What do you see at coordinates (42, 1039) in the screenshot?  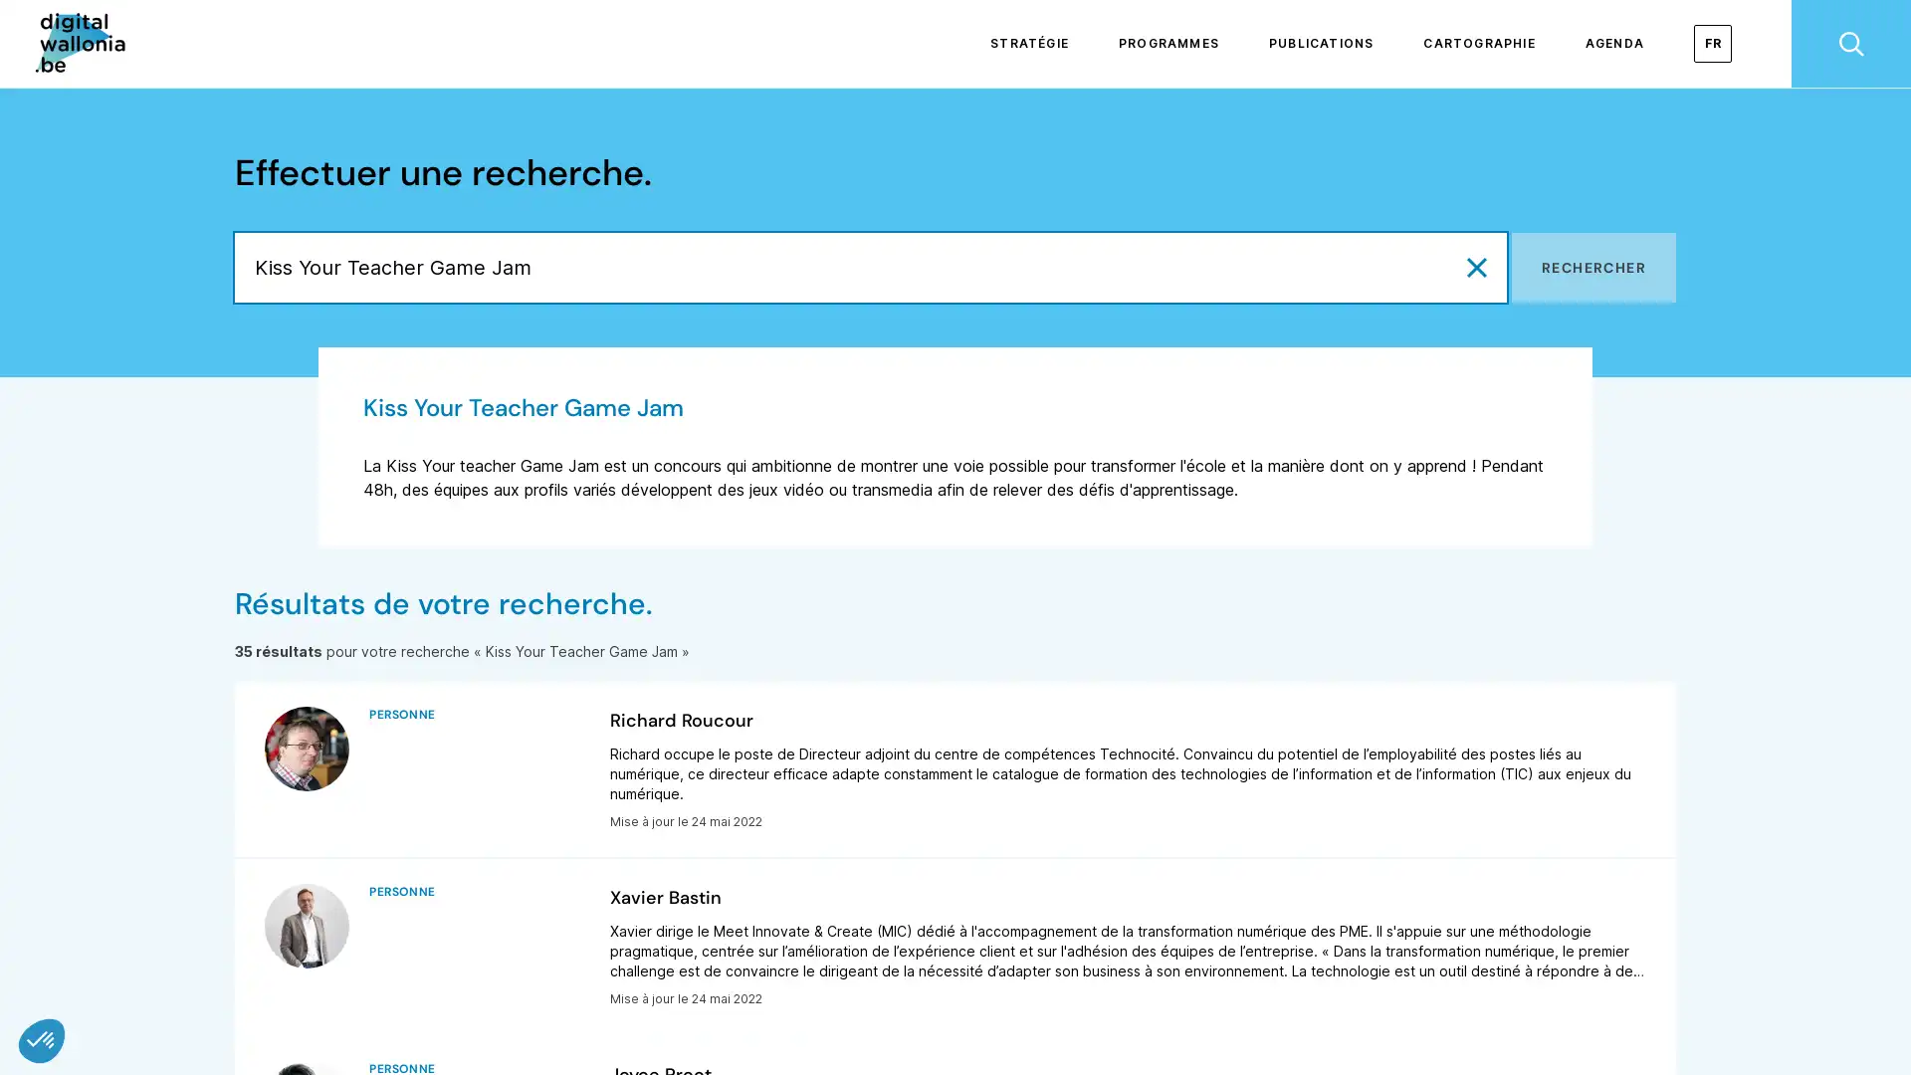 I see `Fermer` at bounding box center [42, 1039].